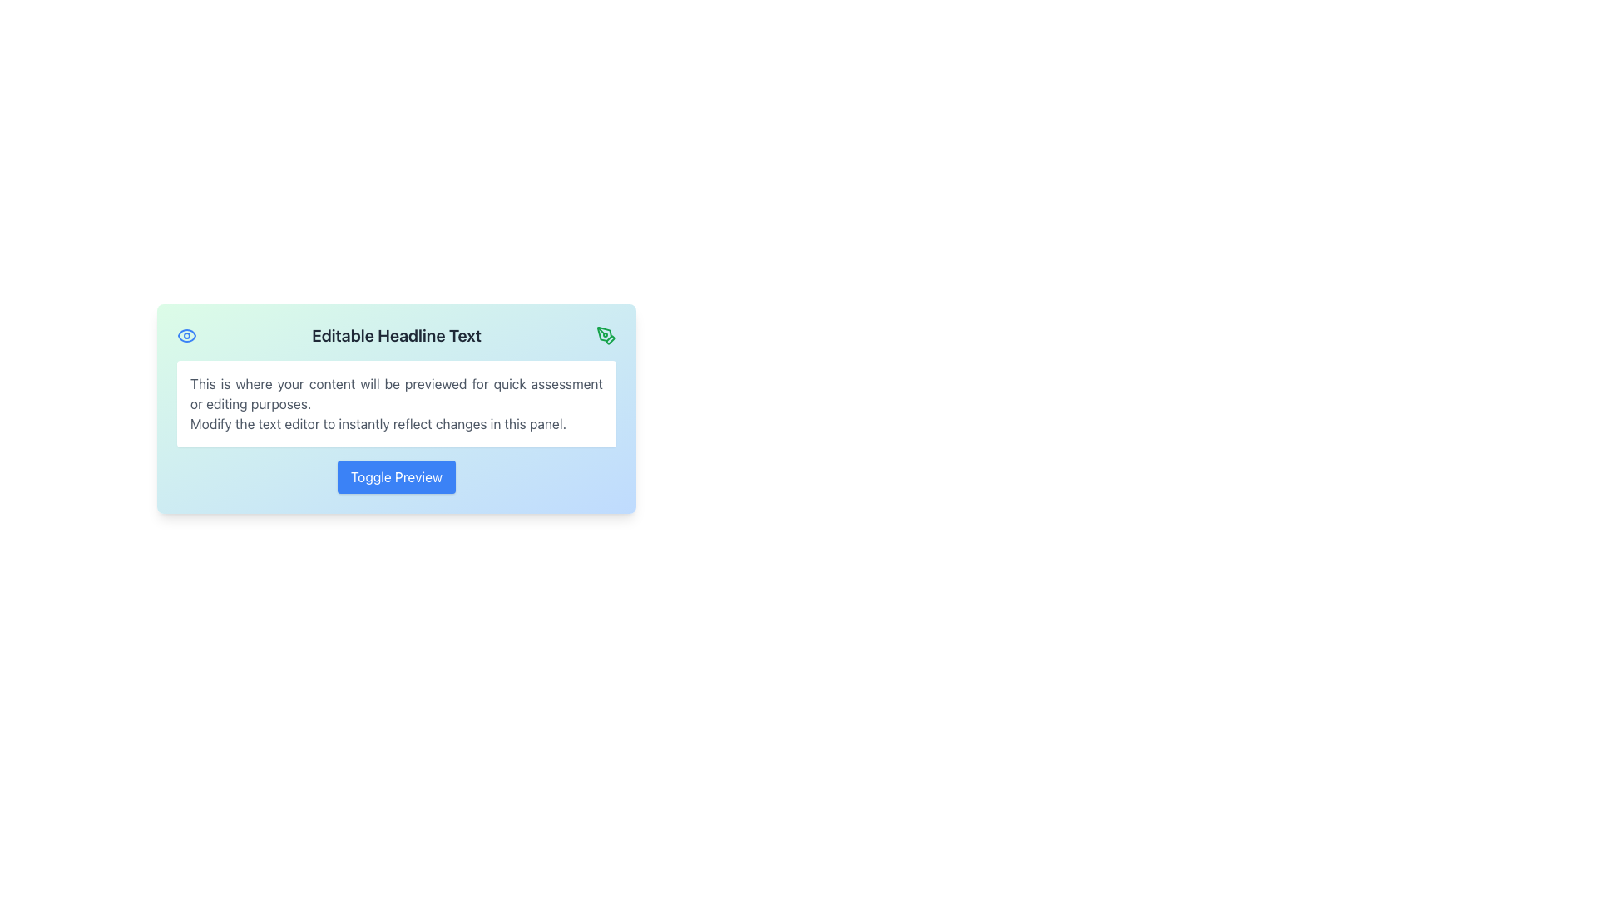 This screenshot has width=1597, height=898. Describe the element at coordinates (187, 336) in the screenshot. I see `the stylized eye icon located at the top-left corner of the rectangular card, which is centrally placed in the layout, to the left of the 'Editable Headline Text'` at that location.